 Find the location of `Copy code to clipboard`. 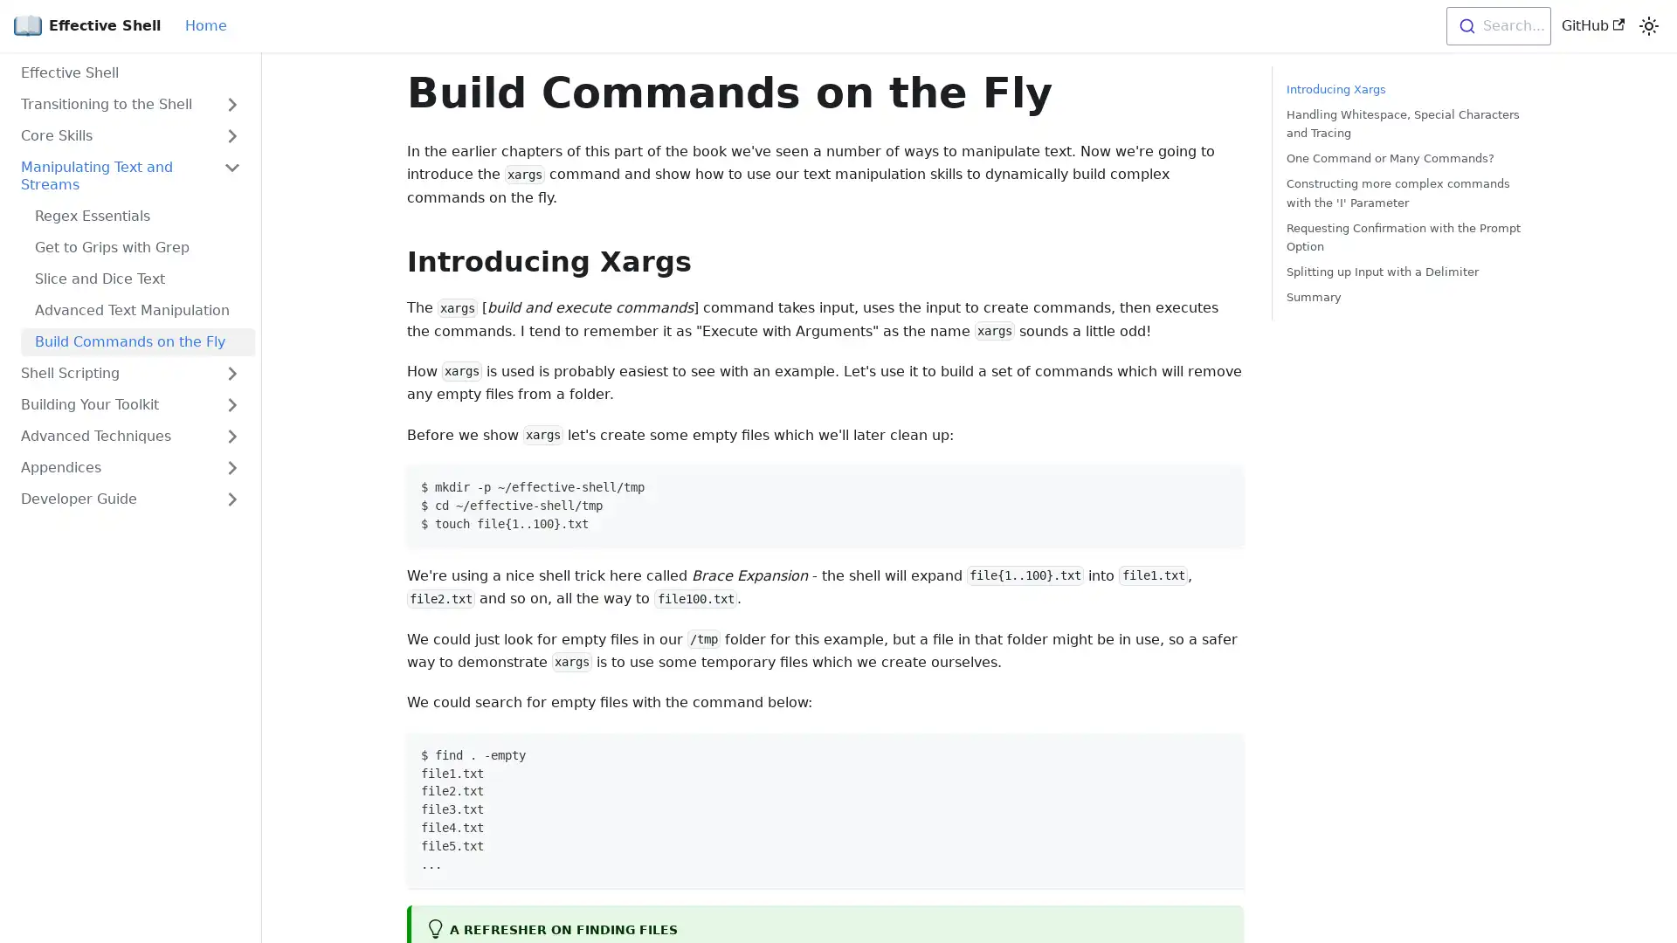

Copy code to clipboard is located at coordinates (1221, 485).